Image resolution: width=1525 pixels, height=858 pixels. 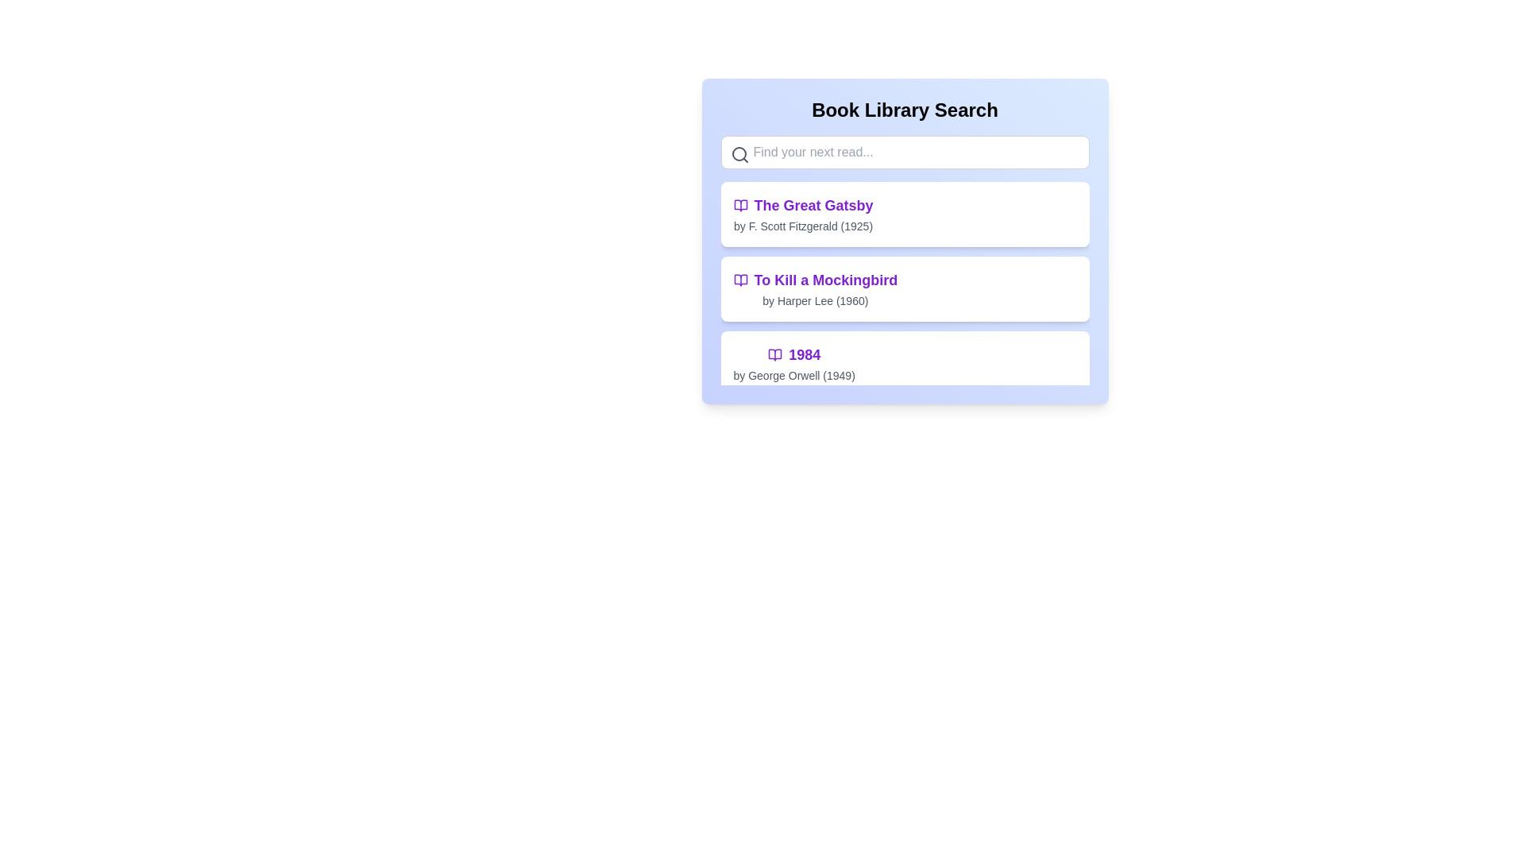 I want to click on the open-book icon styled in purple, located to the left of the text 'To Kill a Mockingbird', which is the second item in the list displayed in the card, so click(x=739, y=280).